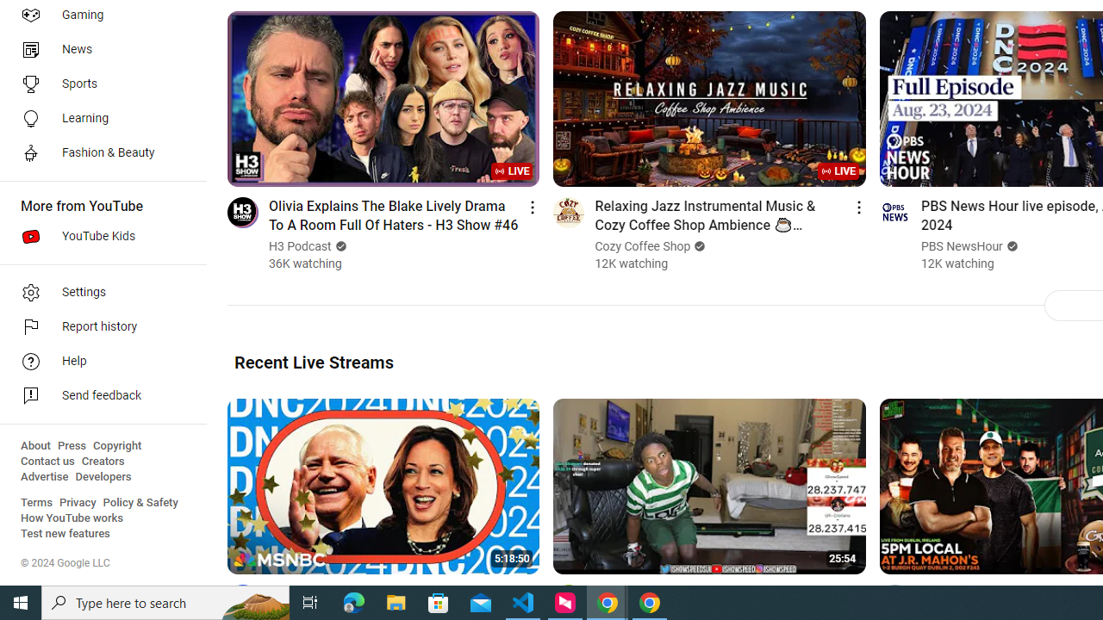  What do you see at coordinates (97, 48) in the screenshot?
I see `'News'` at bounding box center [97, 48].